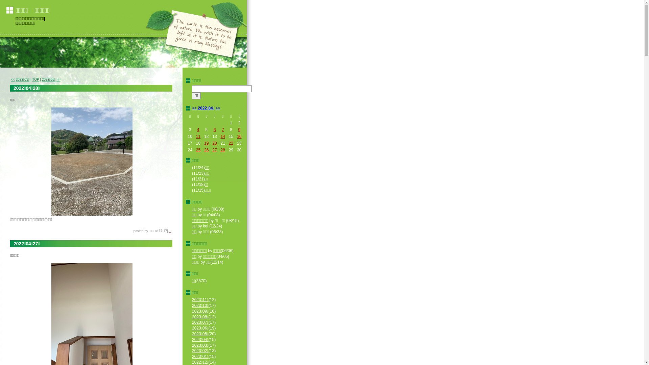  What do you see at coordinates (220, 137) in the screenshot?
I see `'14'` at bounding box center [220, 137].